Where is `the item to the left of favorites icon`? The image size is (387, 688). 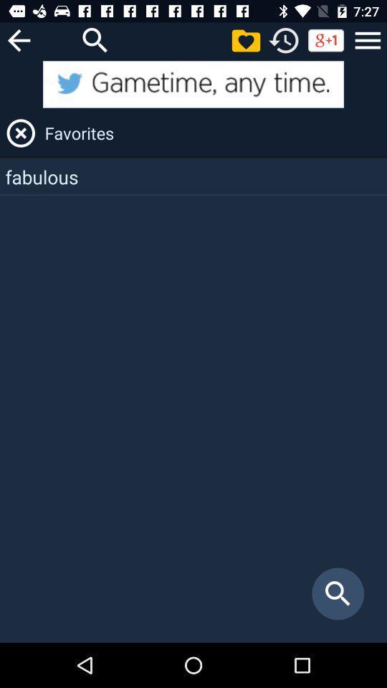 the item to the left of favorites icon is located at coordinates (20, 133).